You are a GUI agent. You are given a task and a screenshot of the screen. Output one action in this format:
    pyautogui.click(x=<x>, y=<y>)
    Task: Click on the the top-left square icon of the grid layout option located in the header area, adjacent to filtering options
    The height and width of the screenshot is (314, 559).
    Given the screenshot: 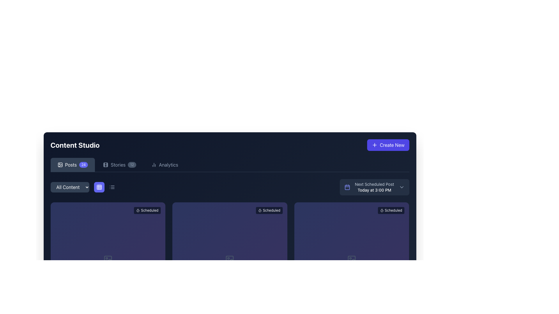 What is the action you would take?
    pyautogui.click(x=99, y=187)
    